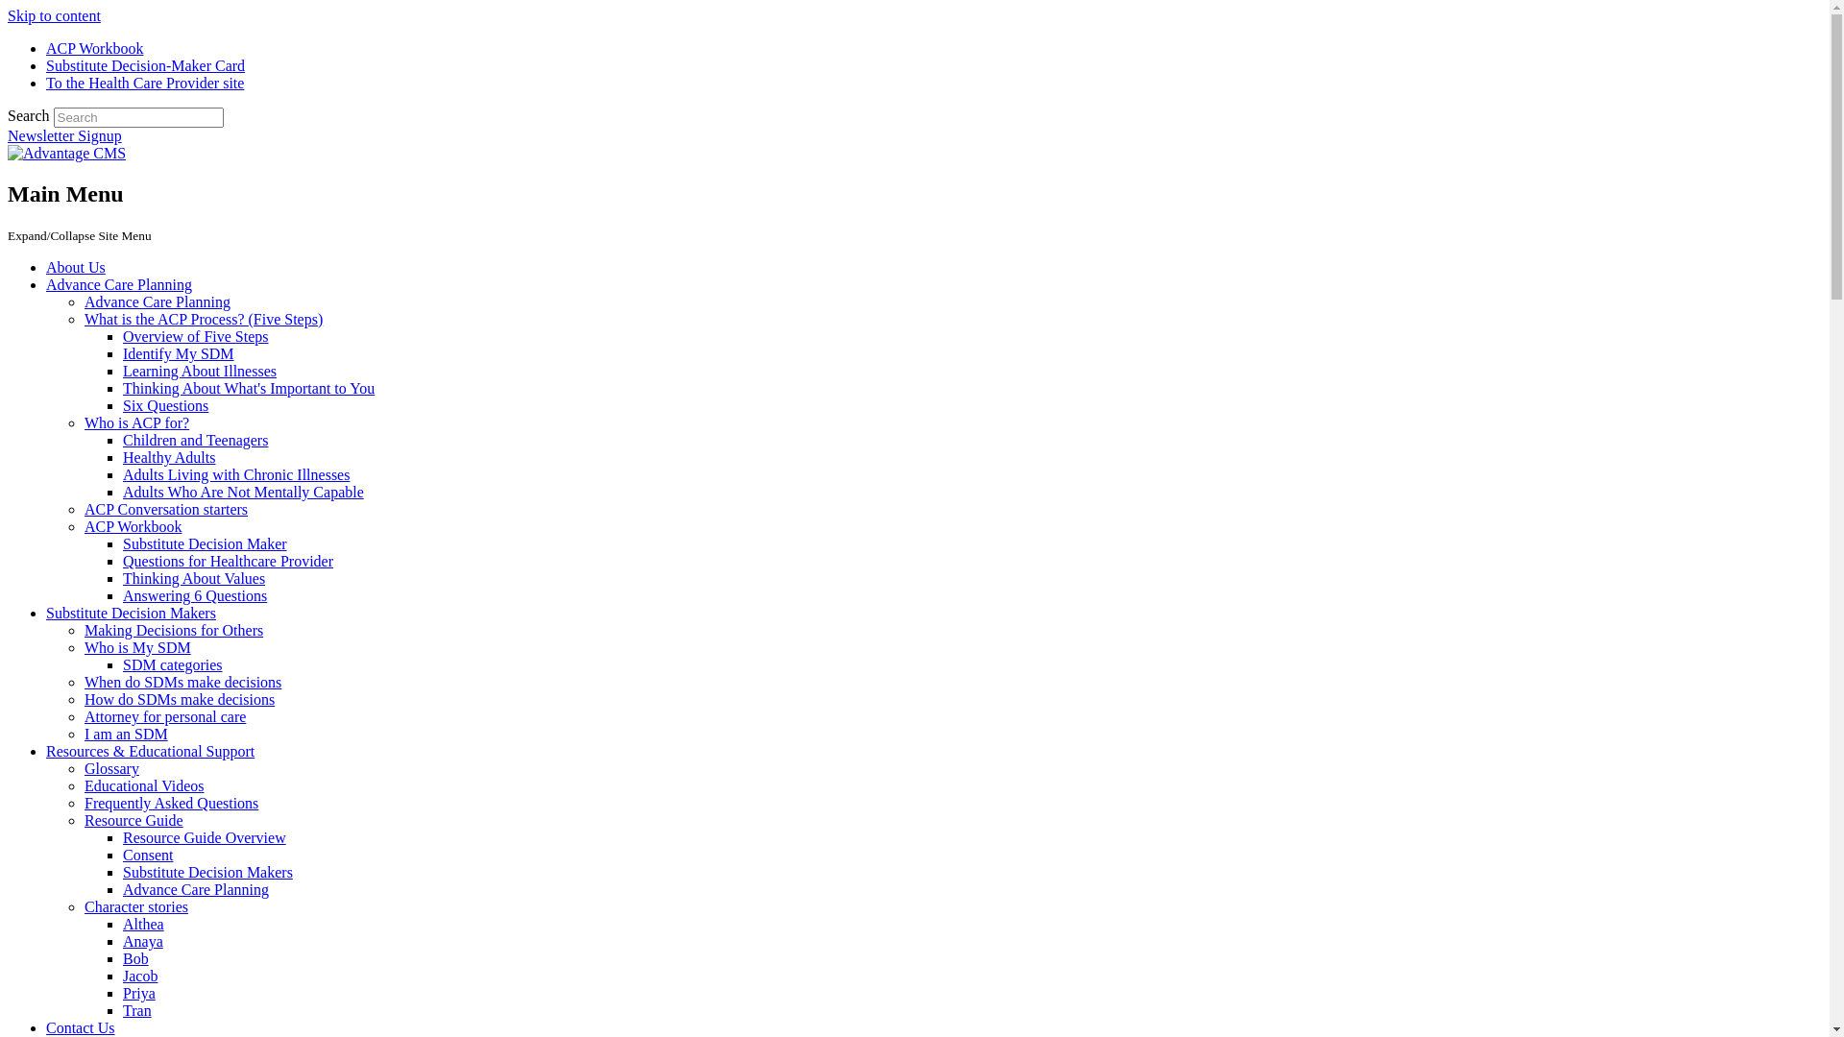 The image size is (1844, 1037). I want to click on 'Questions for Healthcare Provider', so click(228, 561).